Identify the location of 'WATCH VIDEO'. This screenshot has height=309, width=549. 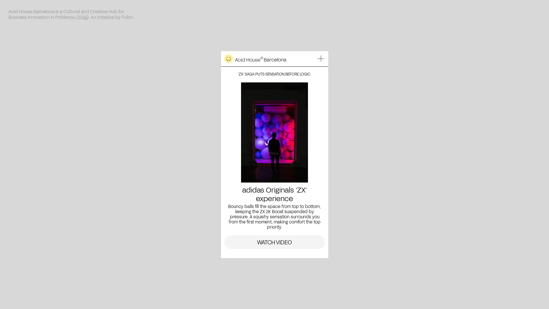
(274, 242).